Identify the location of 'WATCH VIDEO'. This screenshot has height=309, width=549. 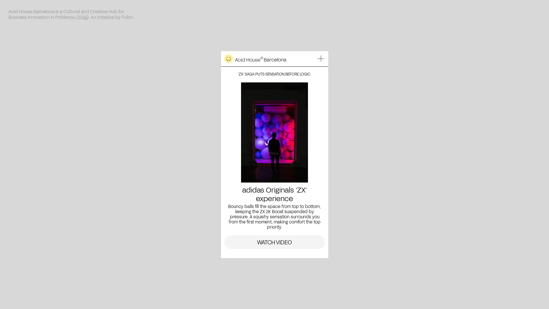
(274, 242).